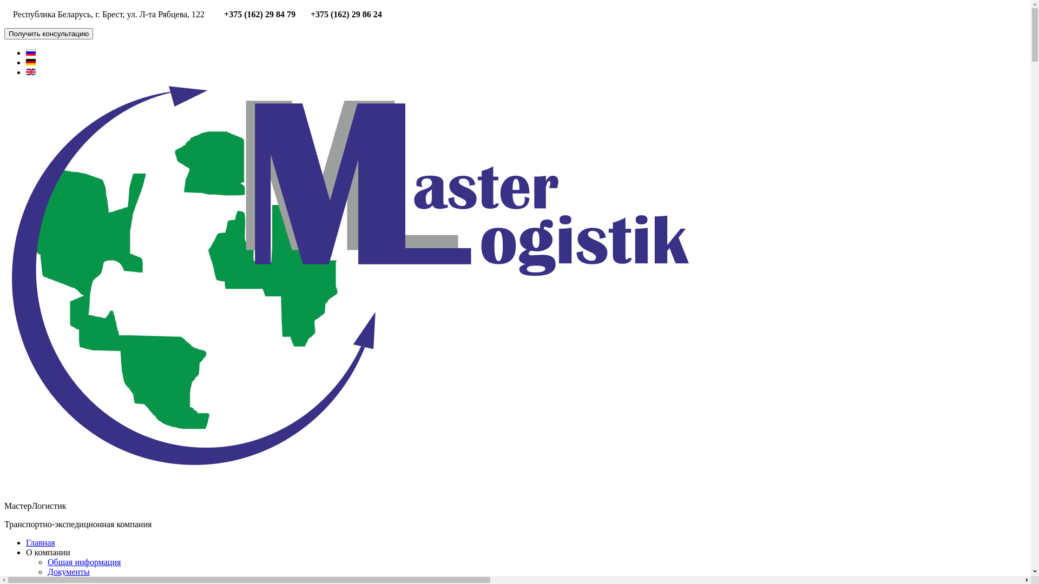 The image size is (1039, 584). What do you see at coordinates (31, 71) in the screenshot?
I see `'English (UK)'` at bounding box center [31, 71].